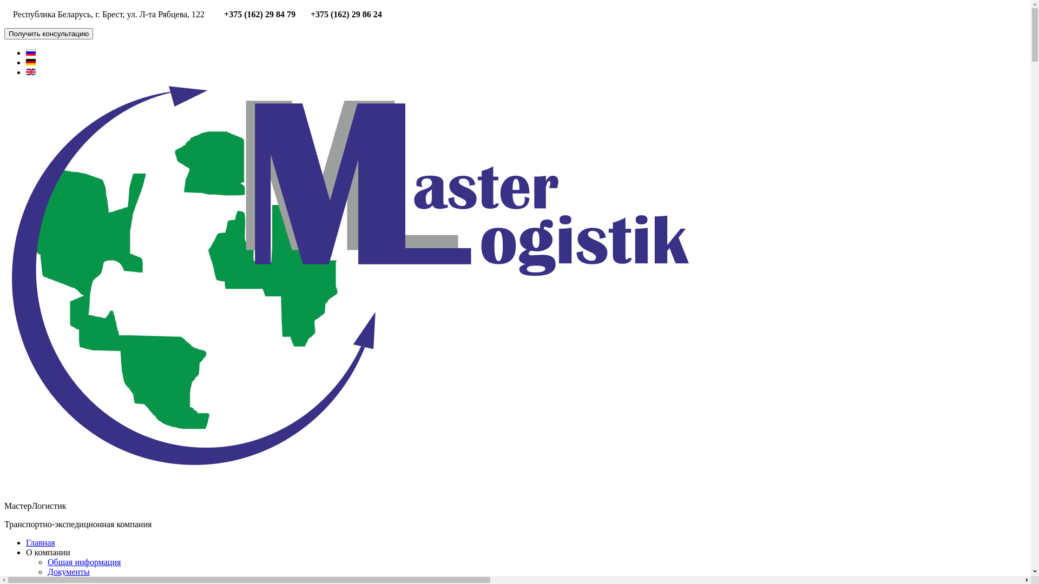 The image size is (1039, 584). What do you see at coordinates (31, 71) in the screenshot?
I see `'English (UK)'` at bounding box center [31, 71].